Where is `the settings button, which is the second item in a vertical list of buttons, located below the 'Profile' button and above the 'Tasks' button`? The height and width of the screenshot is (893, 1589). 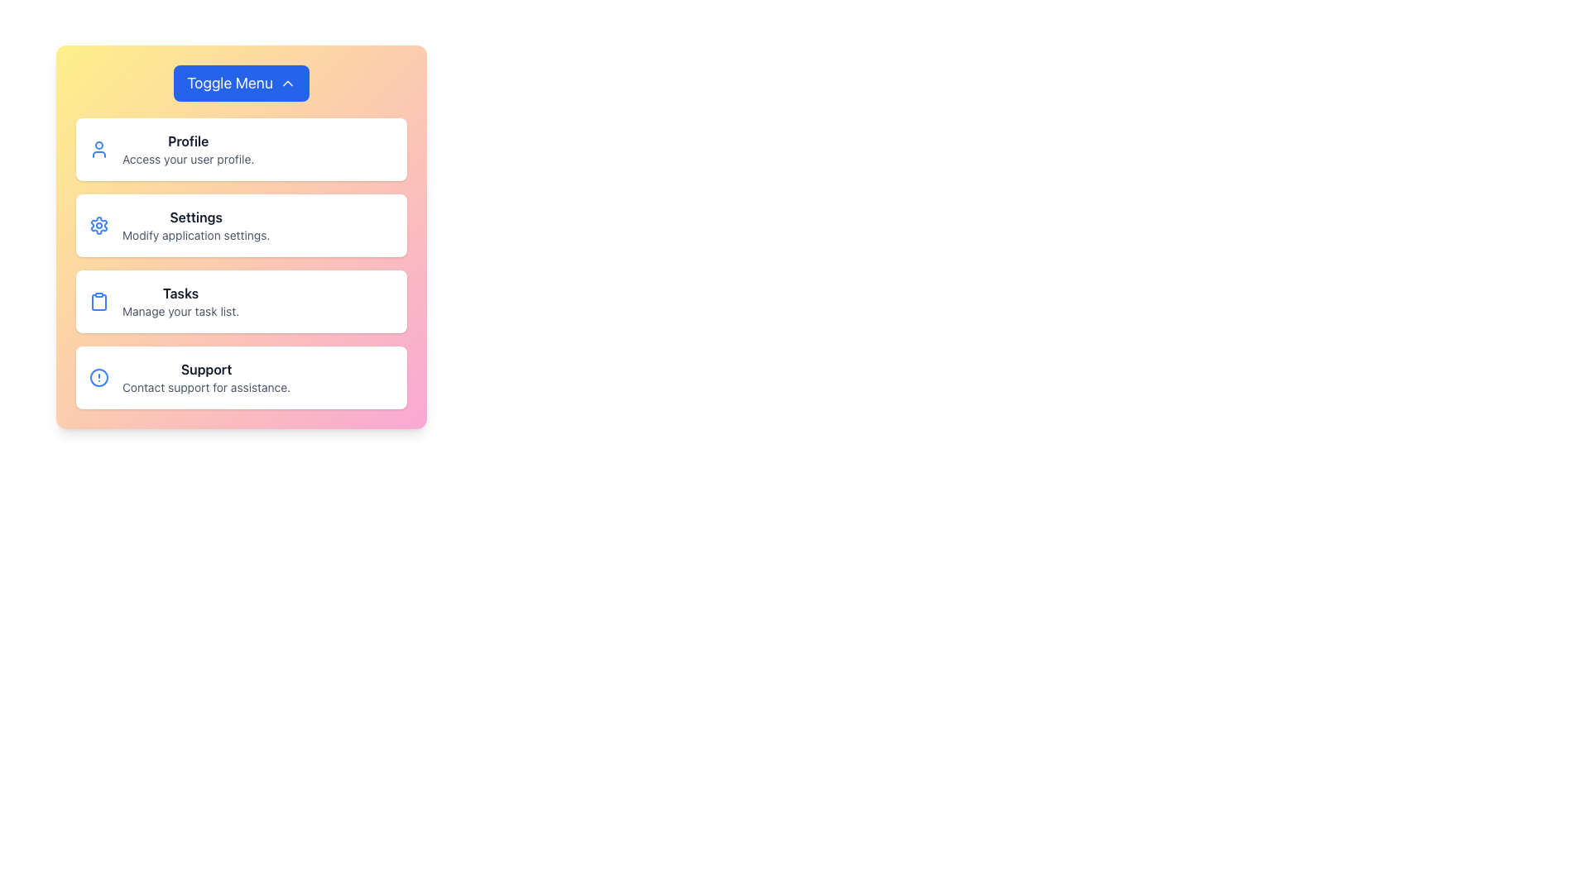
the settings button, which is the second item in a vertical list of buttons, located below the 'Profile' button and above the 'Tasks' button is located at coordinates (241, 226).